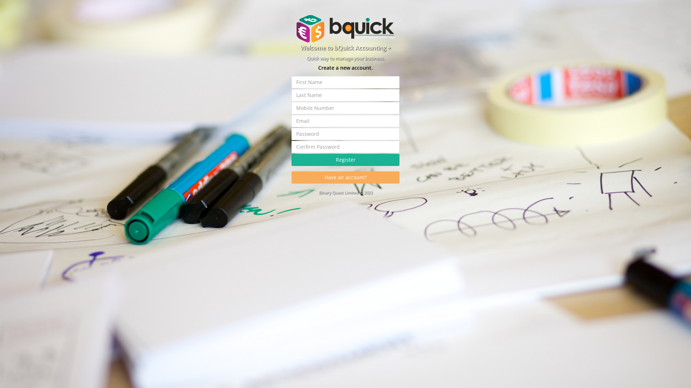 Image resolution: width=691 pixels, height=388 pixels. I want to click on 'Have an account?', so click(292, 177).